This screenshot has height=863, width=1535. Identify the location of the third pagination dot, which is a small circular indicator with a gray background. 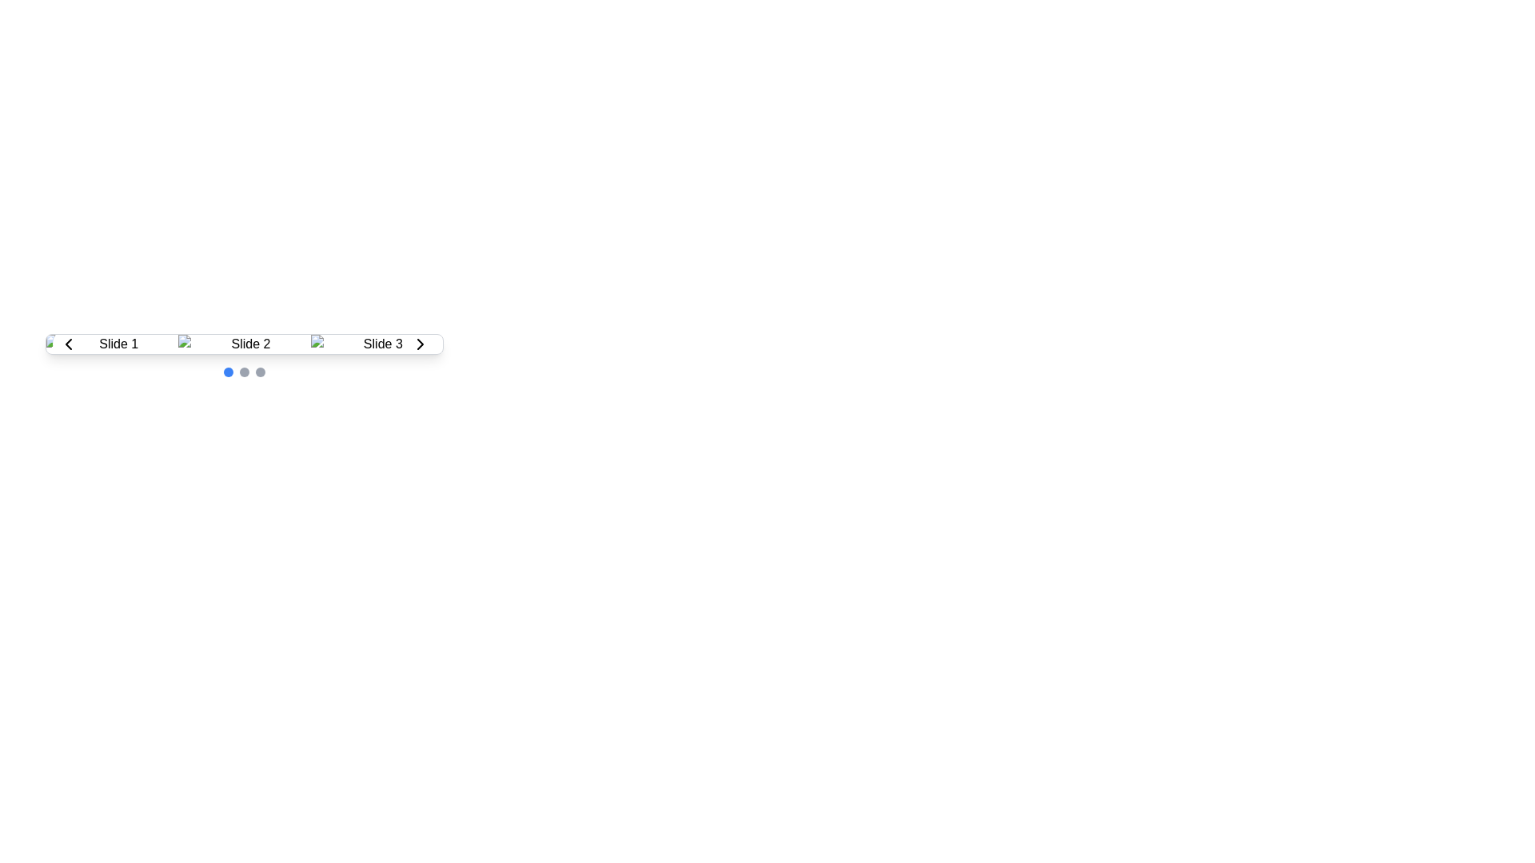
(261, 372).